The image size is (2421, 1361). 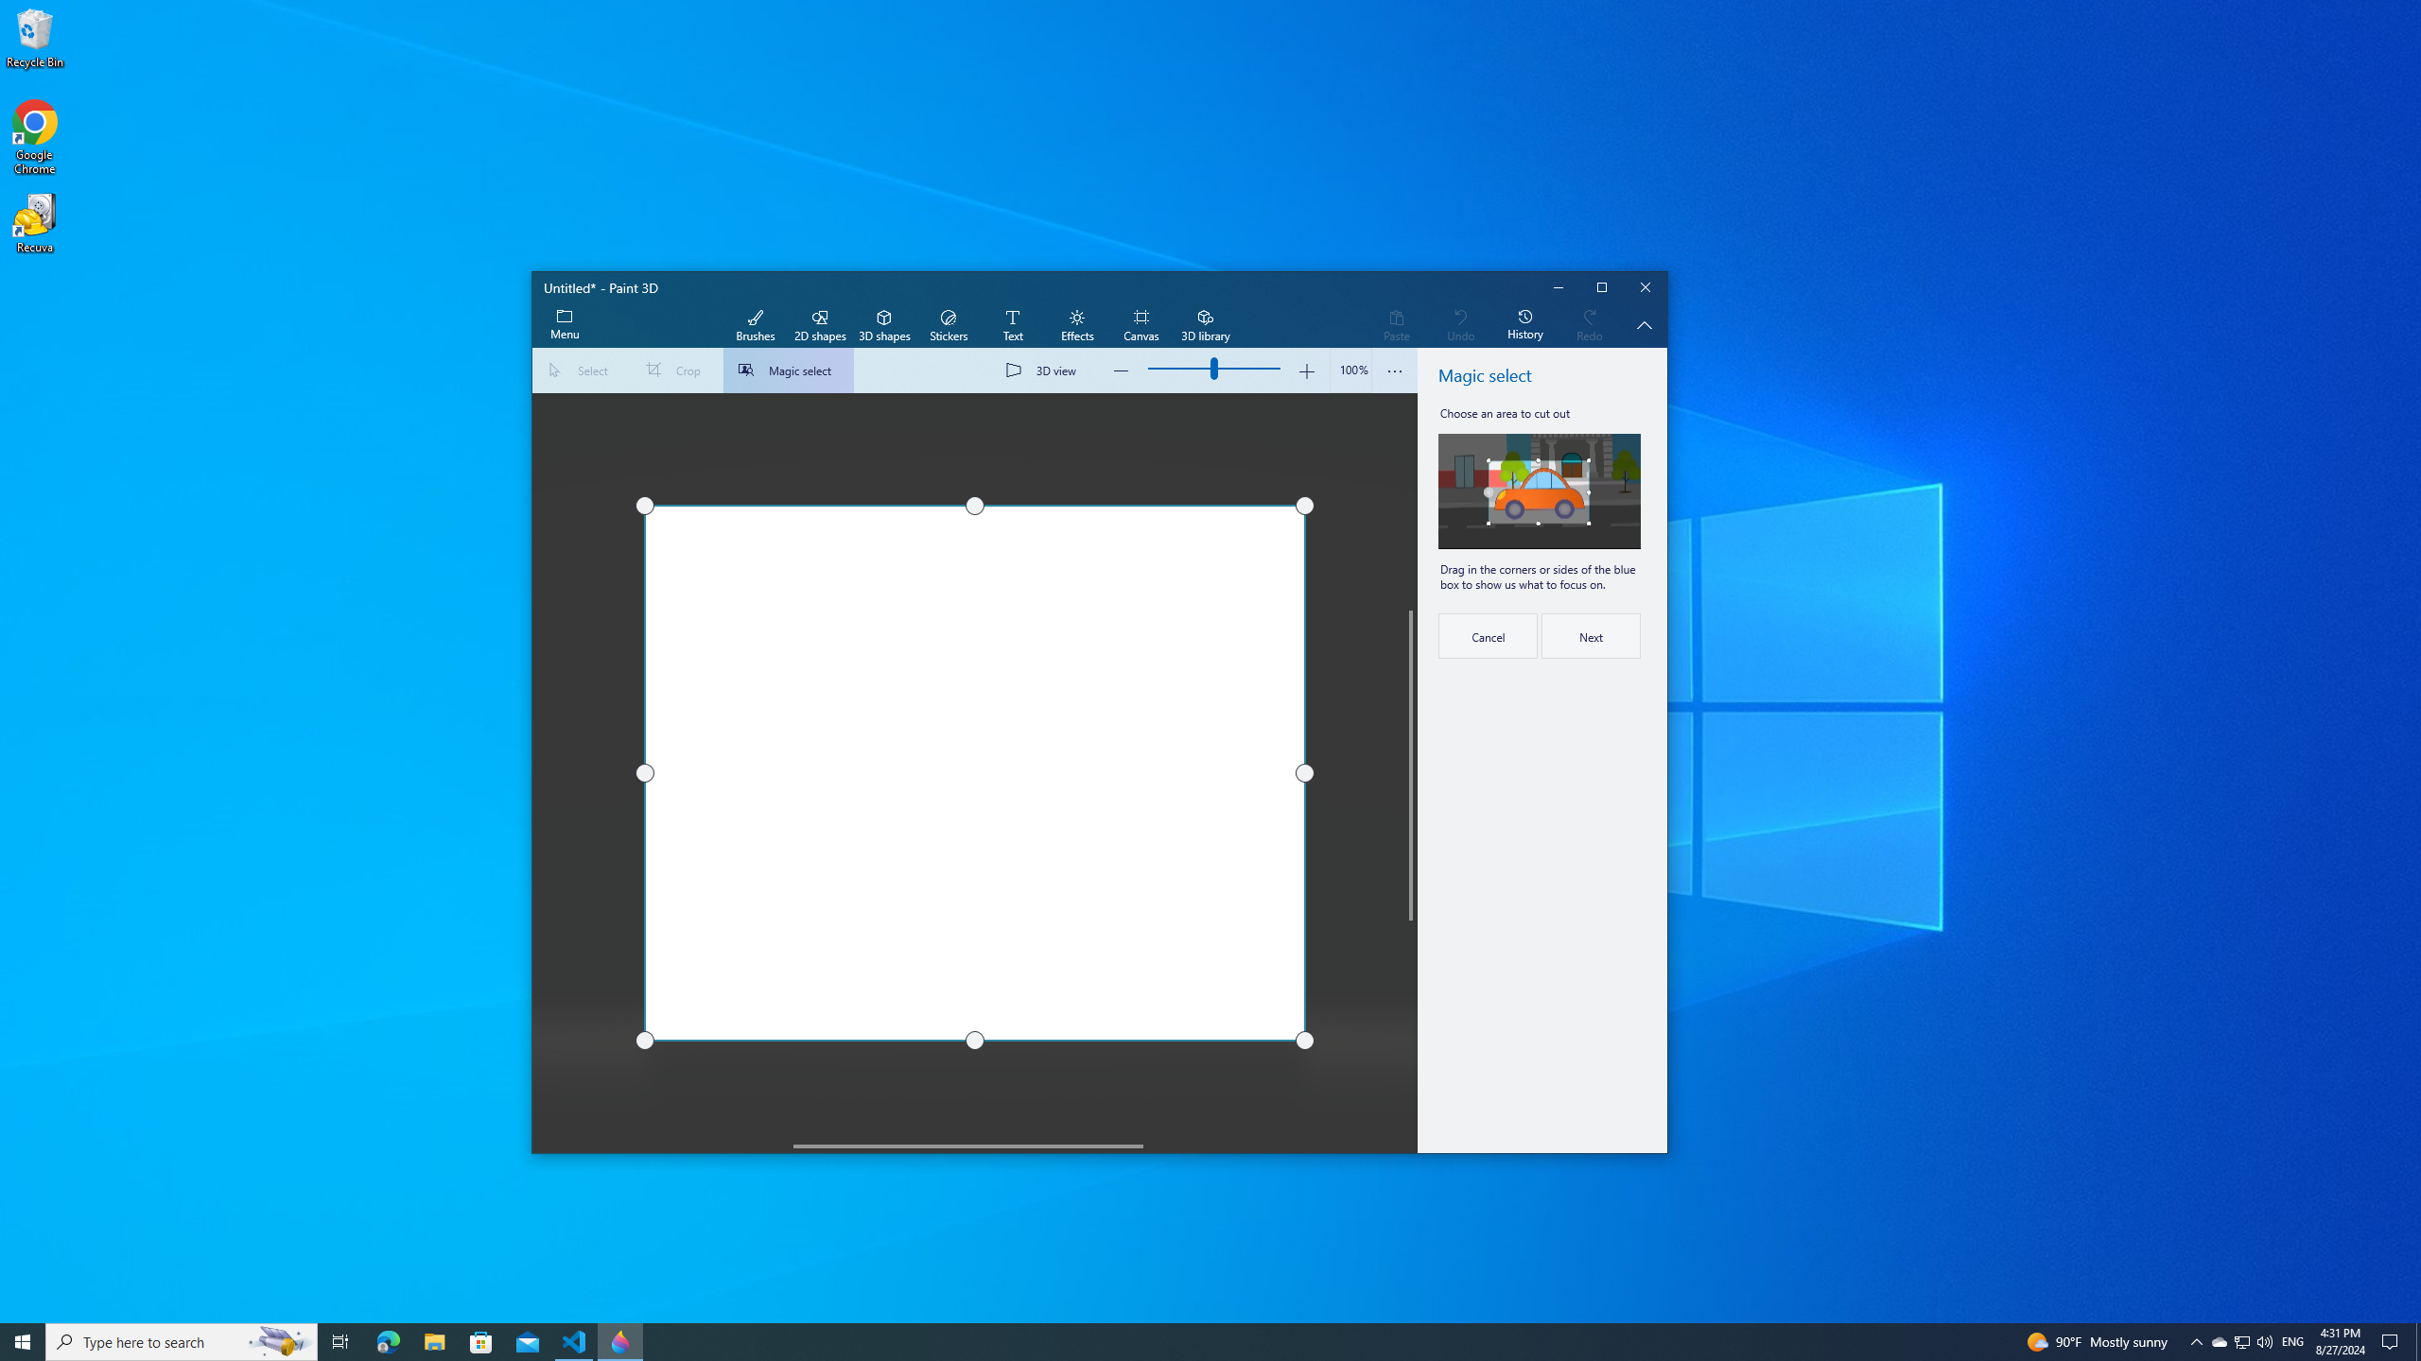 What do you see at coordinates (818, 325) in the screenshot?
I see `'2D shapes'` at bounding box center [818, 325].